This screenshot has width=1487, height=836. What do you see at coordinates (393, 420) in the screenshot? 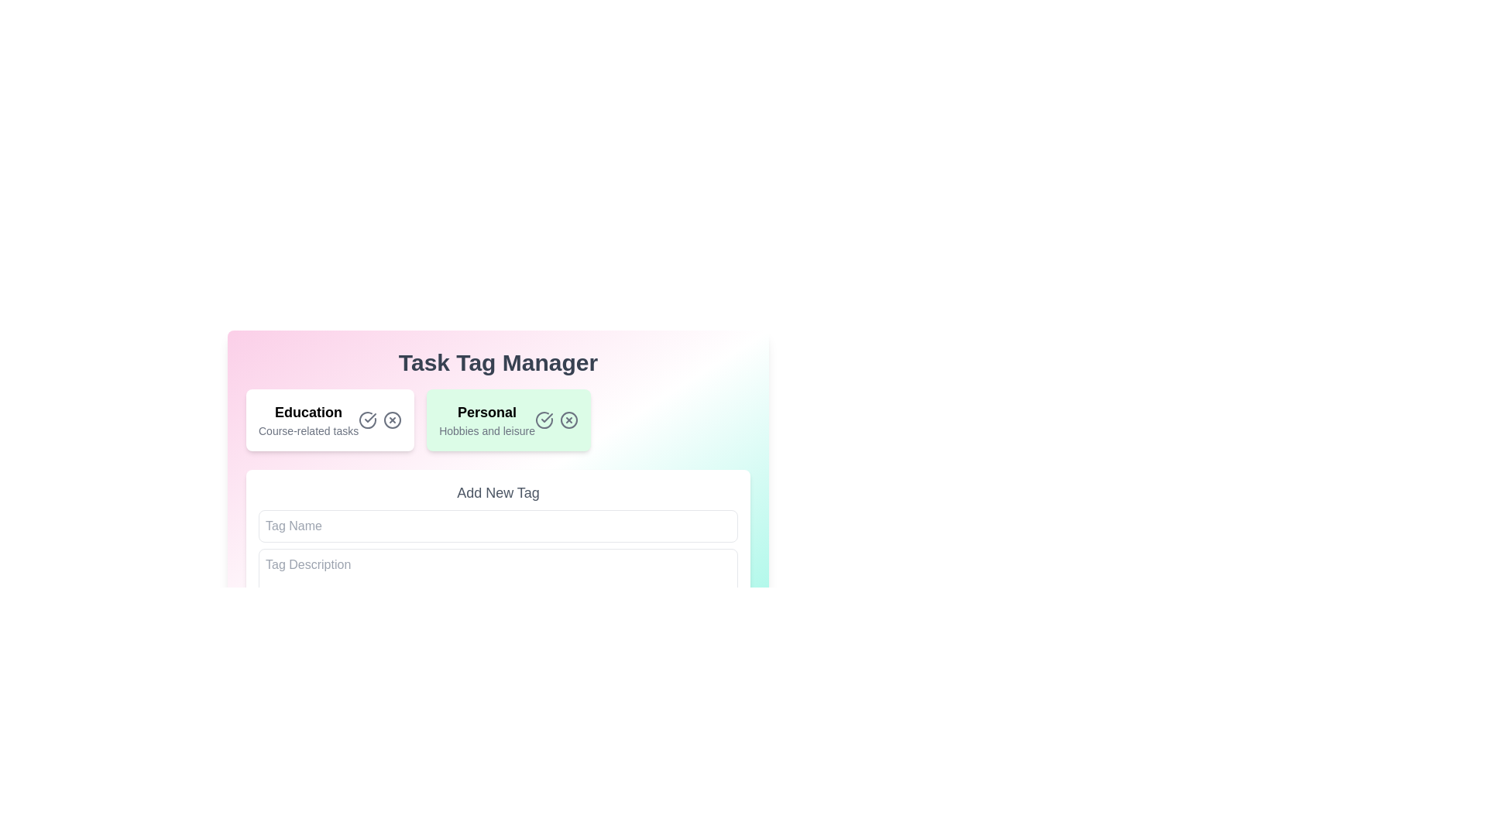
I see `the clickable icon button to the right of the 'Education' label` at bounding box center [393, 420].